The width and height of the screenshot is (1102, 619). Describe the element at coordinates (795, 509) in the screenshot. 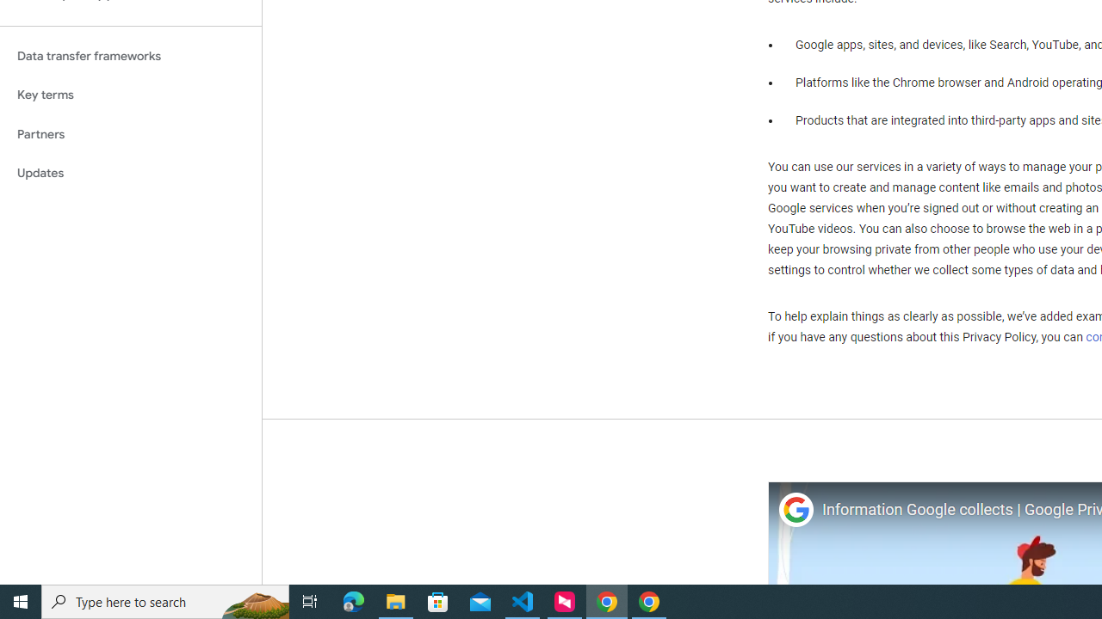

I see `'Photo image of Google'` at that location.